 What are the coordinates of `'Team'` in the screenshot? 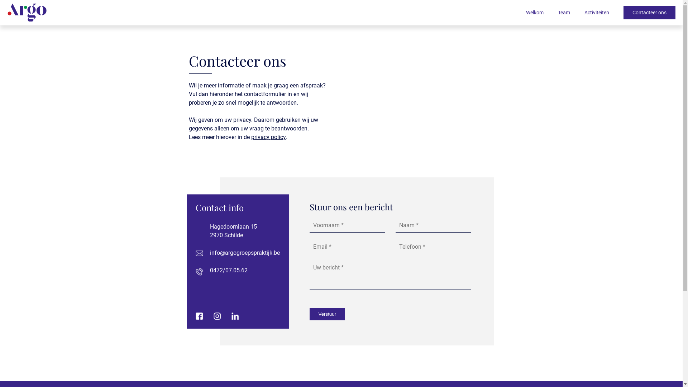 It's located at (564, 12).